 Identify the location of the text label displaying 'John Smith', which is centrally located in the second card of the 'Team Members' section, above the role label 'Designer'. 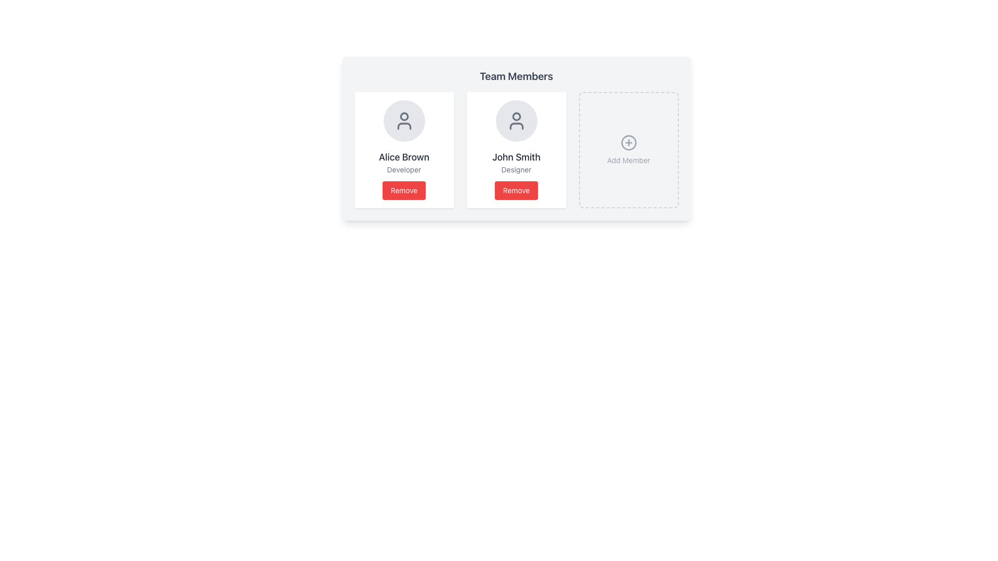
(516, 157).